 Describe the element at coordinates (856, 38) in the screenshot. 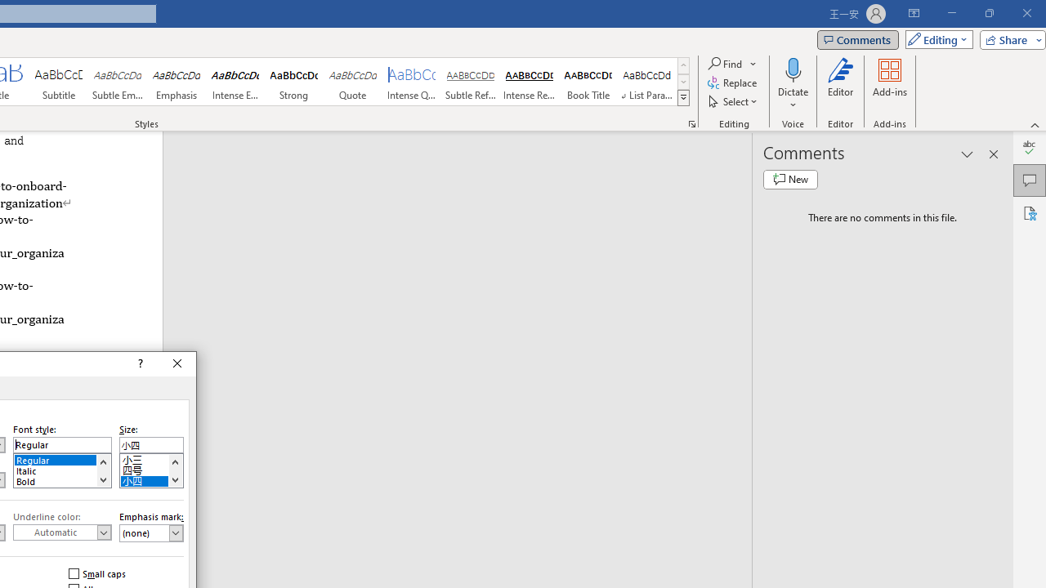

I see `'Comments'` at that location.